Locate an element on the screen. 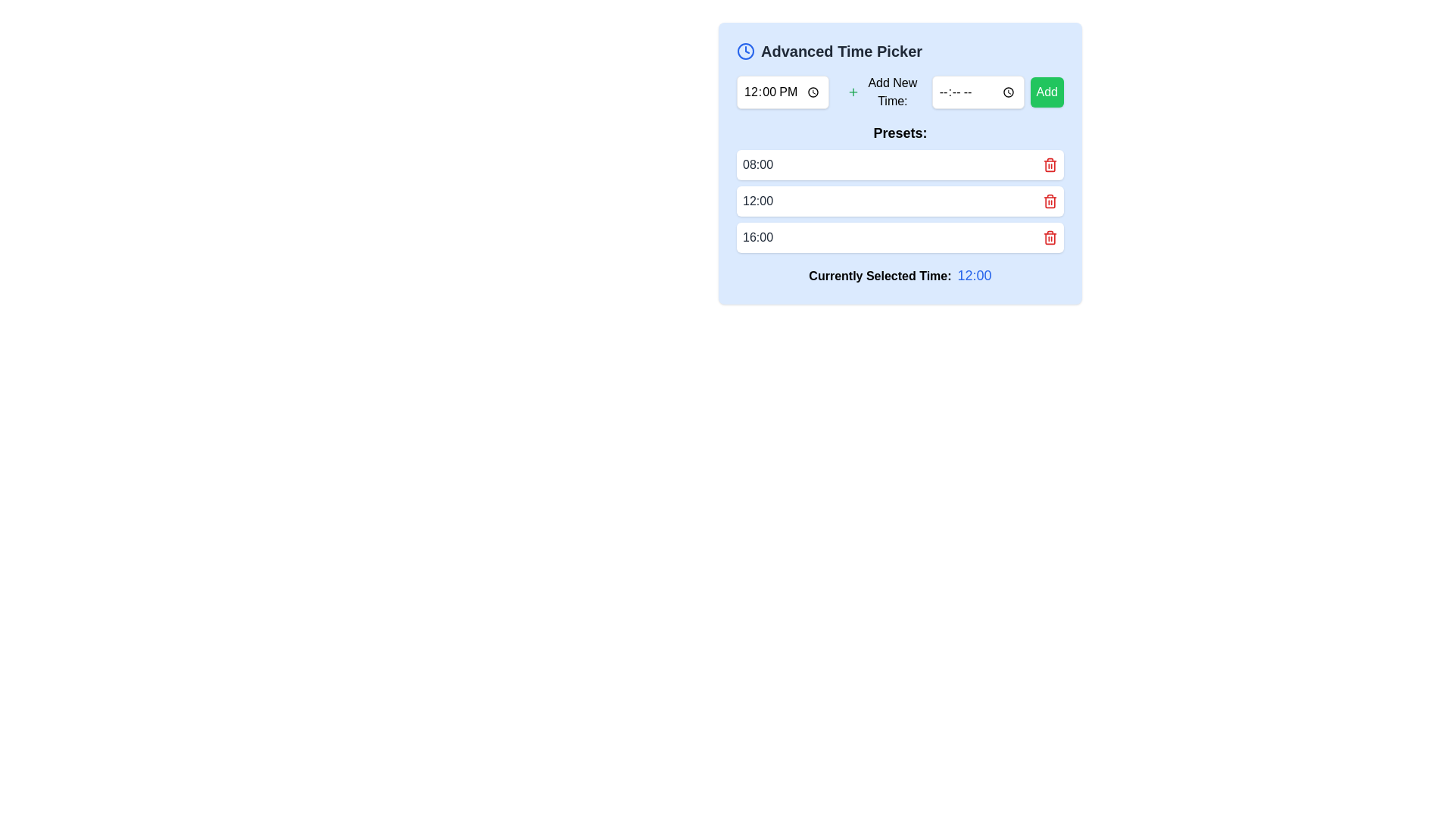 This screenshot has width=1454, height=818. the button that allows the user to add a new time entry, located in the third position of a horizontal layout, to change its color is located at coordinates (1046, 92).